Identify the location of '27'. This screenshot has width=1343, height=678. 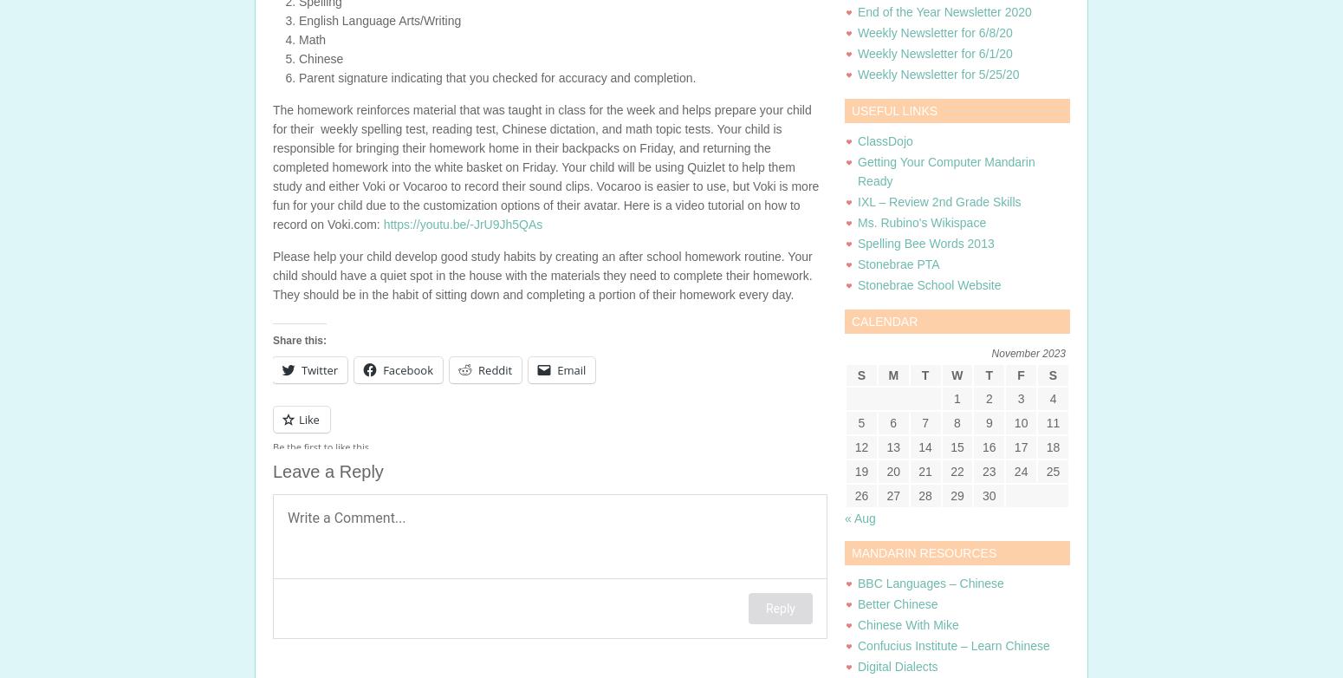
(893, 496).